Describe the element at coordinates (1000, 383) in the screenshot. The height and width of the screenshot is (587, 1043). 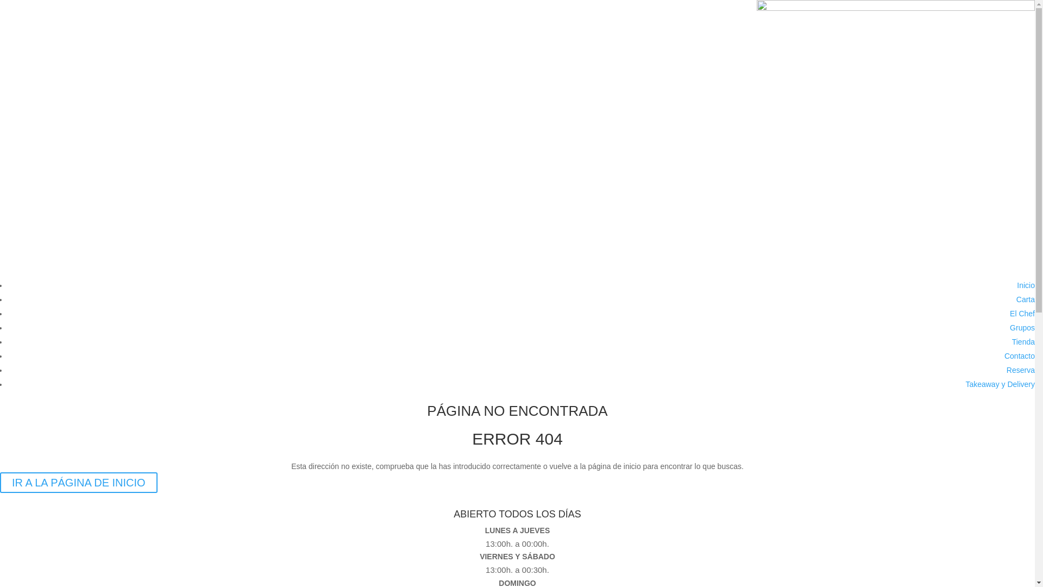
I see `'Takeaway y Delivery'` at that location.